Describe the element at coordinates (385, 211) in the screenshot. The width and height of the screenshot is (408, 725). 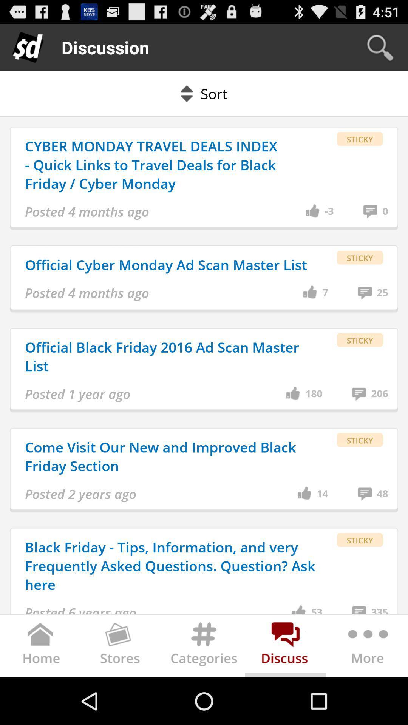
I see `the 0 item` at that location.